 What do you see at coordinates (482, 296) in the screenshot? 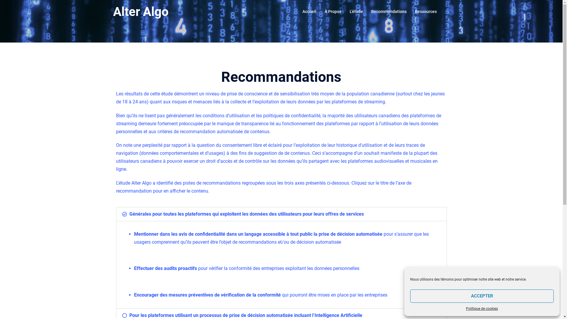
I see `'ACCEPTER'` at bounding box center [482, 296].